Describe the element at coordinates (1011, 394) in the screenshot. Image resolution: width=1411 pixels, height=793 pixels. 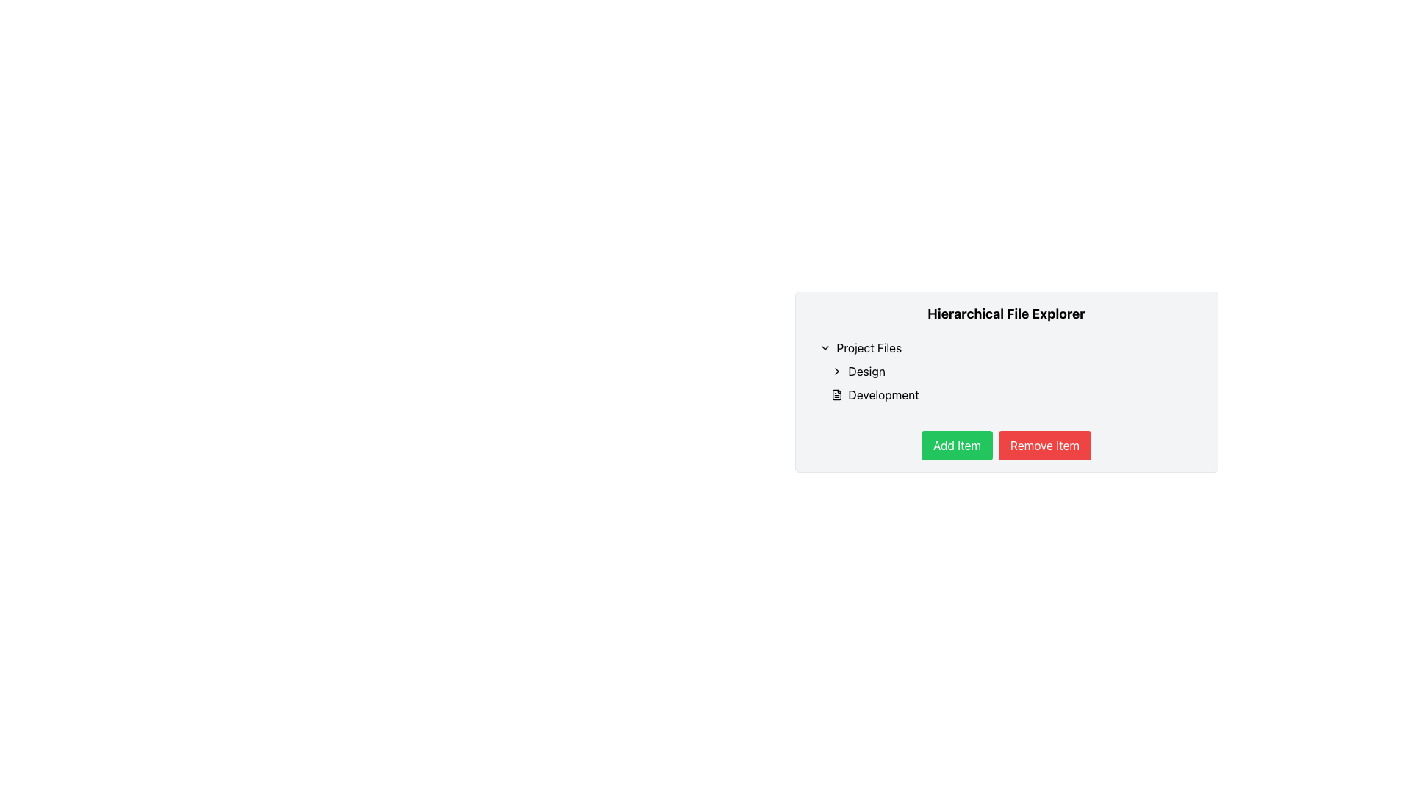
I see `to select the 'Development' node in the hierarchical file explorer view, which is located directly below the 'Design' element` at that location.